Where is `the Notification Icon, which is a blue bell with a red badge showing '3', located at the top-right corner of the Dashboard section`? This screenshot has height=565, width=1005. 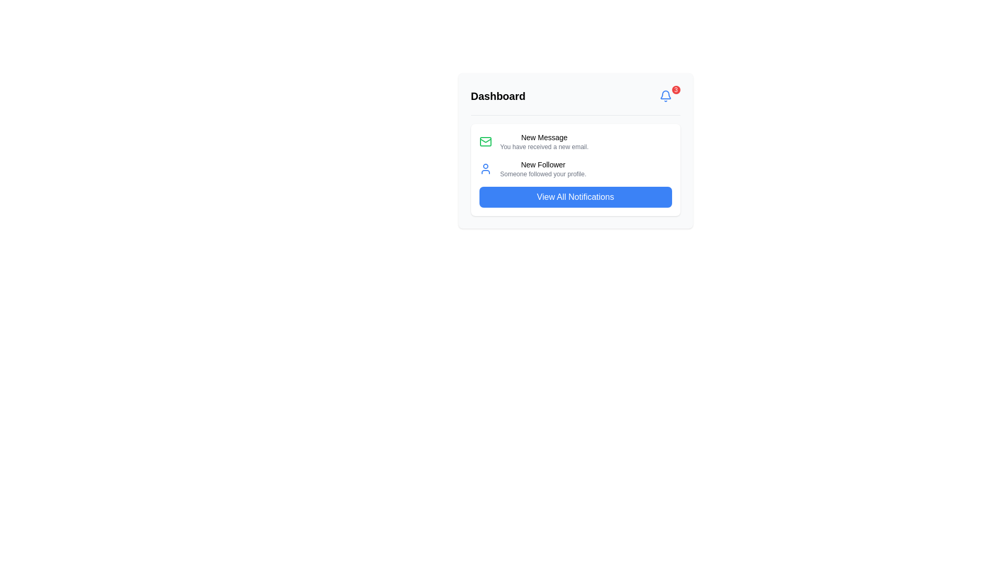 the Notification Icon, which is a blue bell with a red badge showing '3', located at the top-right corner of the Dashboard section is located at coordinates (665, 96).